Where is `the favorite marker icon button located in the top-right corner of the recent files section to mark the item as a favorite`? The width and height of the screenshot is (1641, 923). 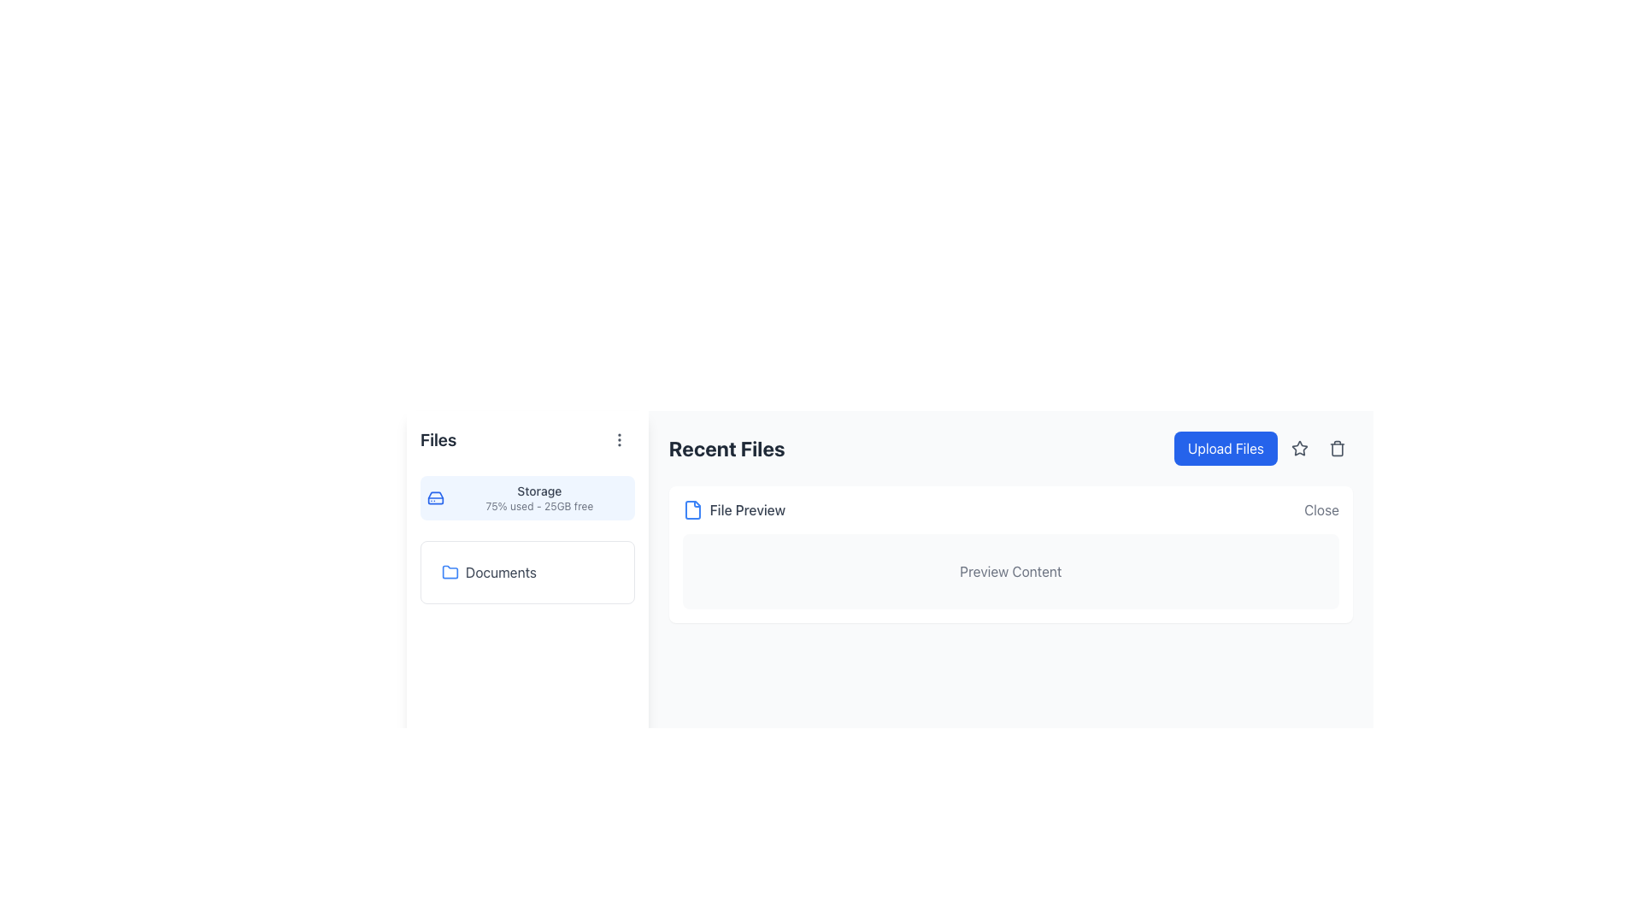
the favorite marker icon button located in the top-right corner of the recent files section to mark the item as a favorite is located at coordinates (1299, 447).